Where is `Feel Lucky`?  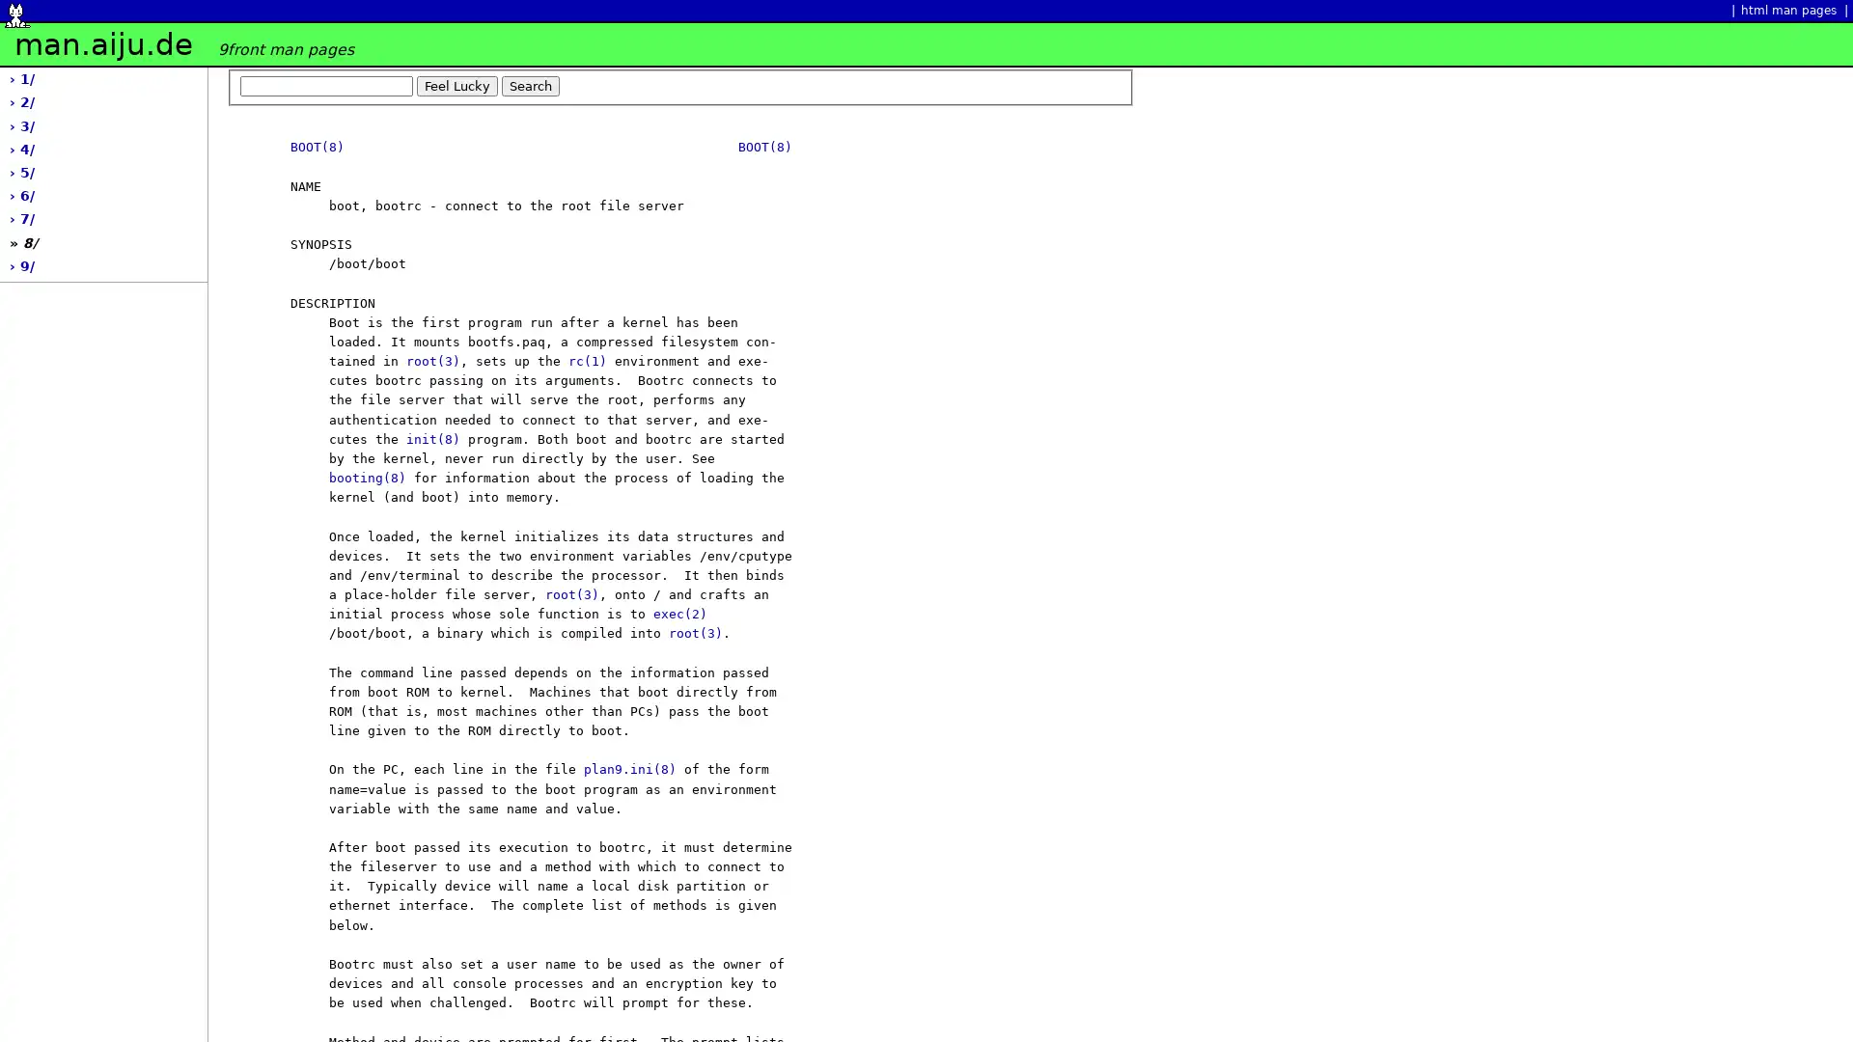 Feel Lucky is located at coordinates (456, 84).